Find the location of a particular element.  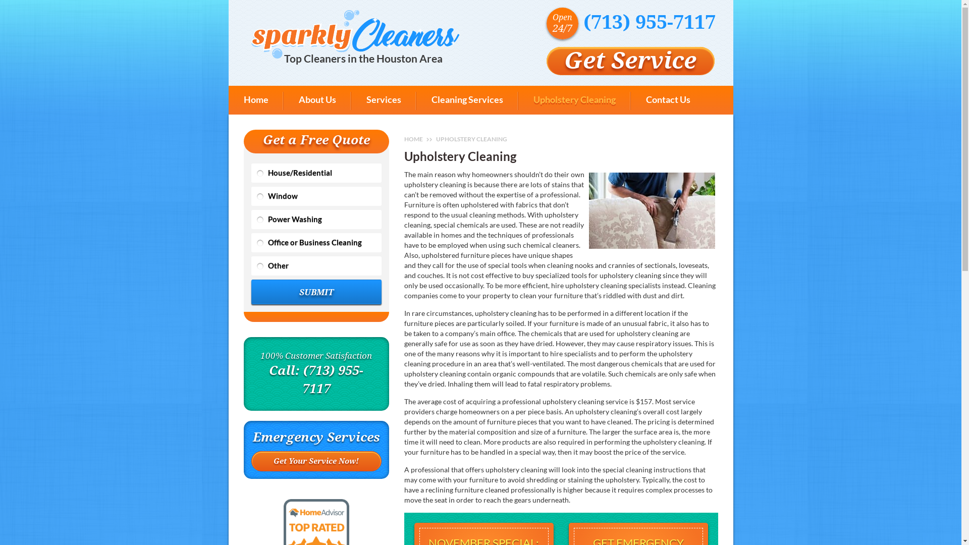

'(713) 955-7117' is located at coordinates (649, 22).